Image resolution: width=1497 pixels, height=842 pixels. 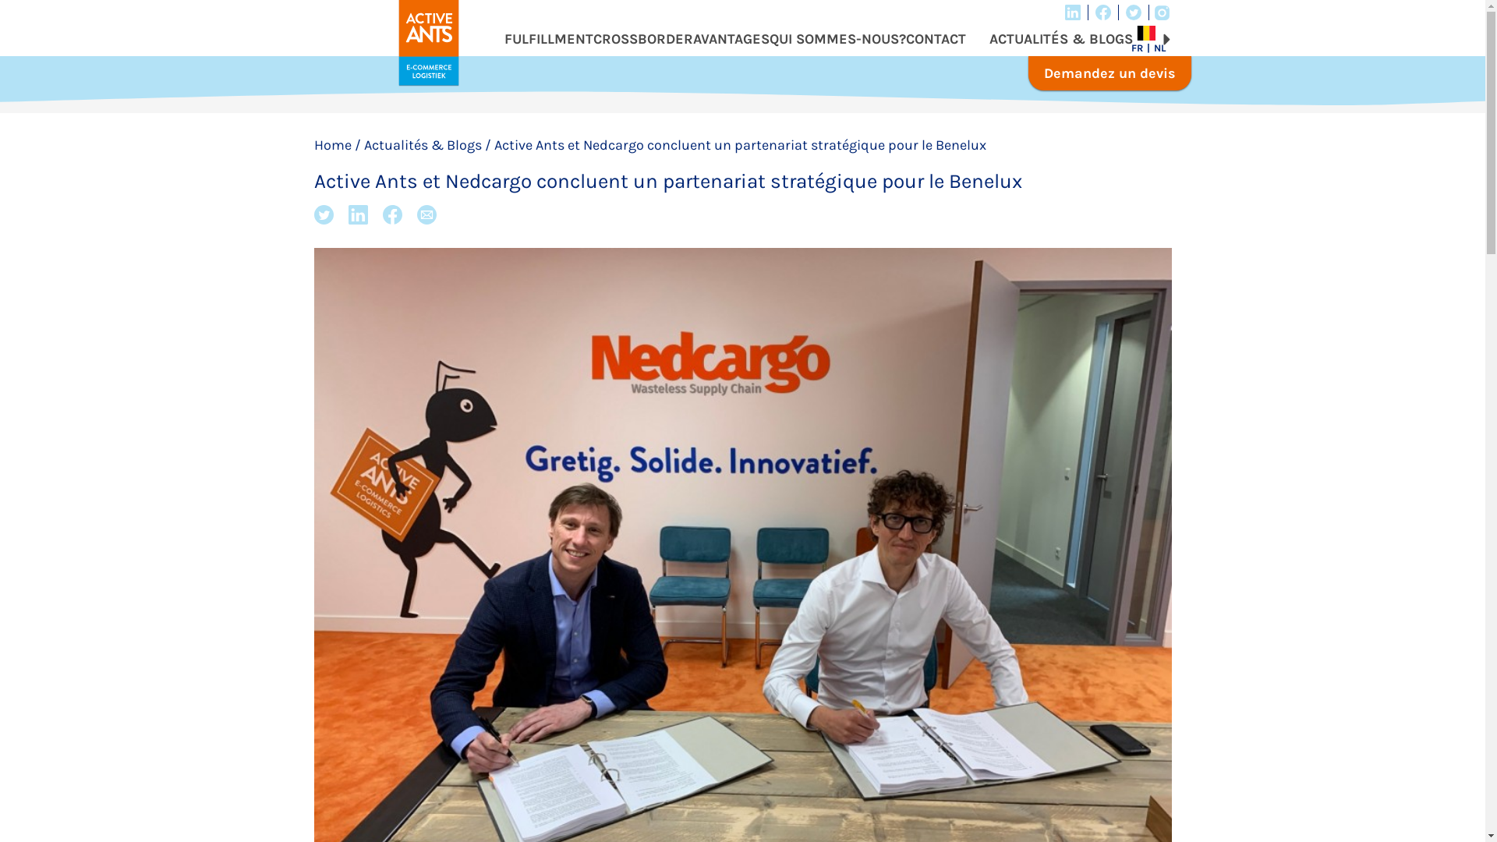 What do you see at coordinates (936, 38) in the screenshot?
I see `'CONTACT'` at bounding box center [936, 38].